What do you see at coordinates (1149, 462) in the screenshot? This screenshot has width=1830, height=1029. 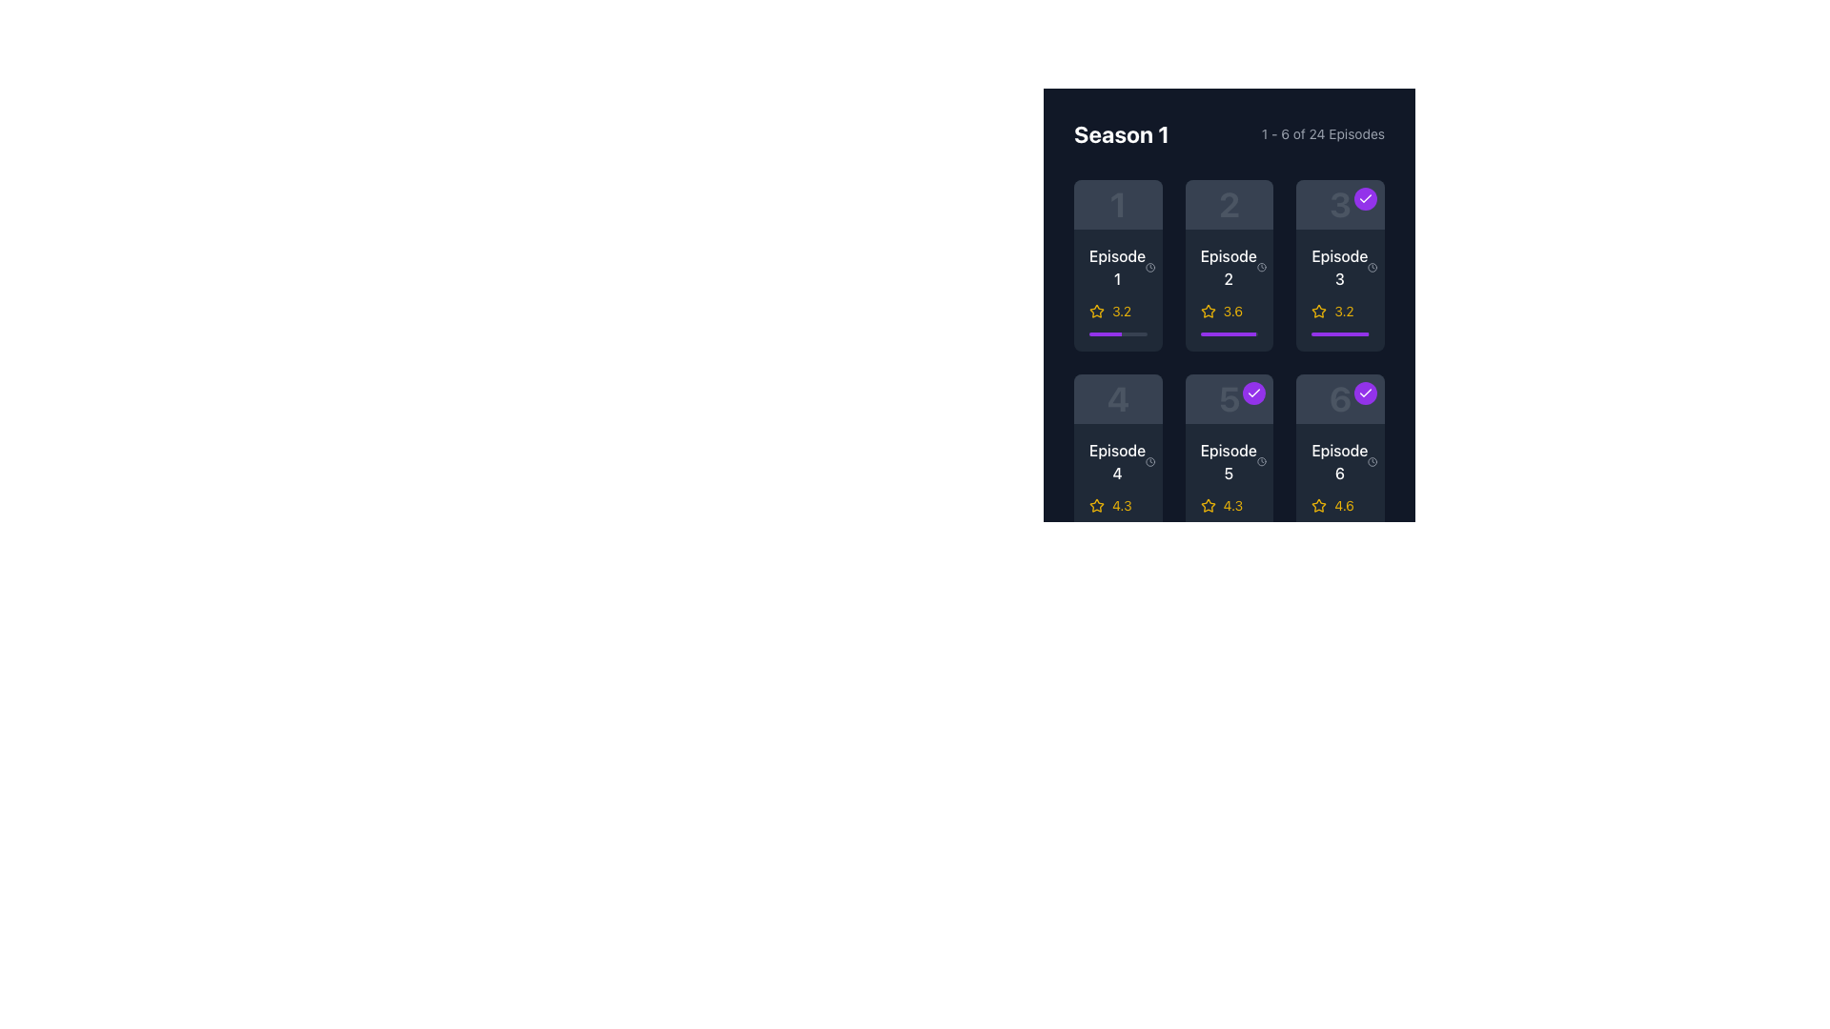 I see `the circular clock icon with a hand design located next to the text '42 min' in the bottom left corner of the 'Episode 4' box` at bounding box center [1149, 462].